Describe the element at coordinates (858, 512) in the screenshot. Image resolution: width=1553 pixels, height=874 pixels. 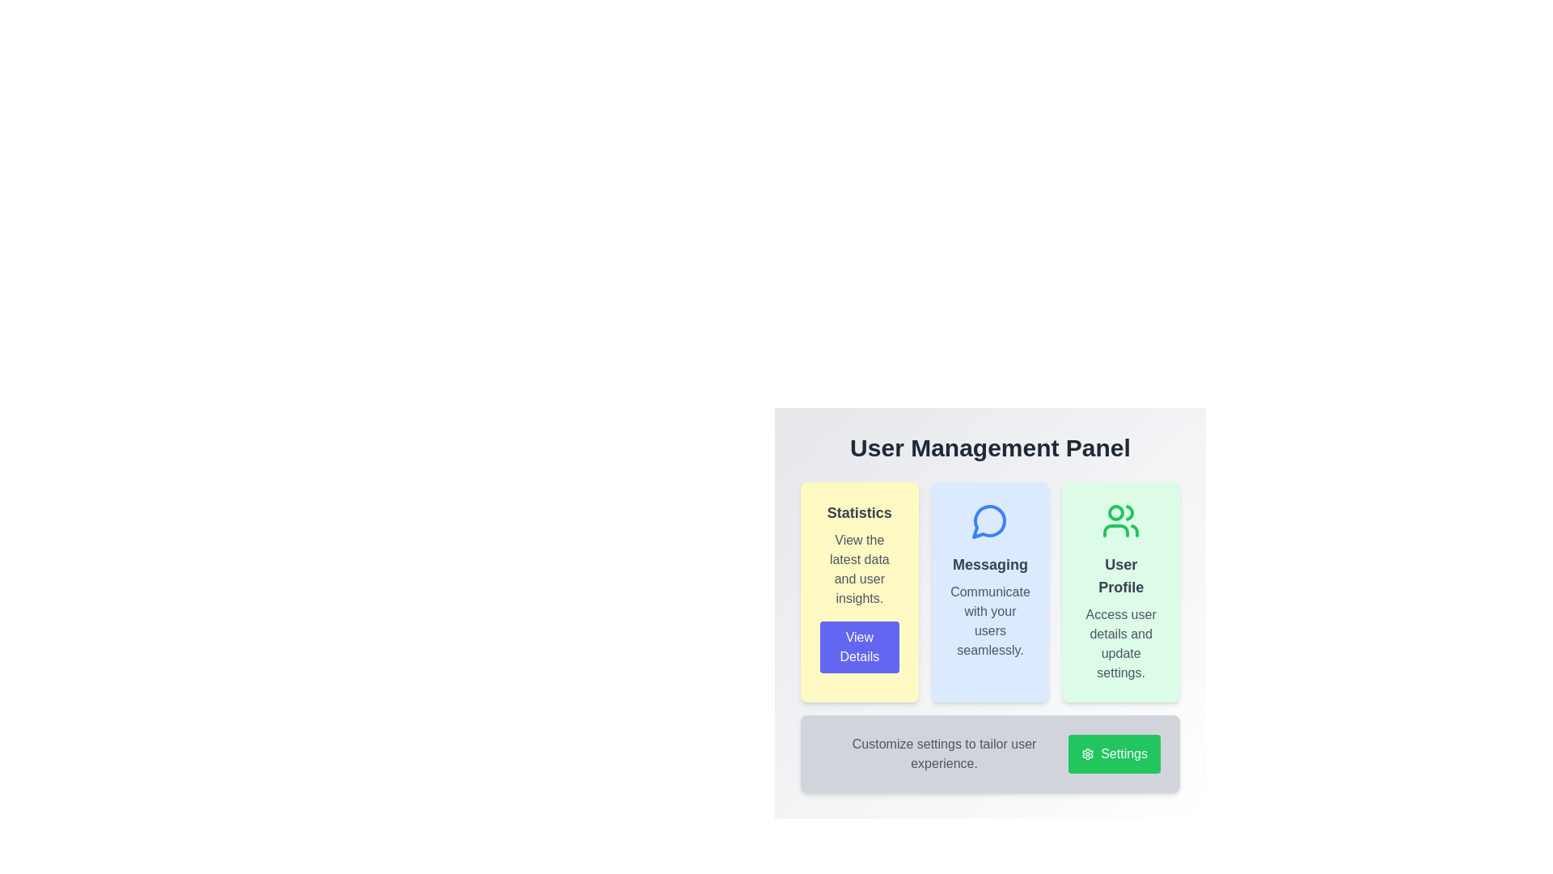
I see `the 'Statistics' text label, which is bold and gray, located at the top of the highlighted card on the far left of the section` at that location.